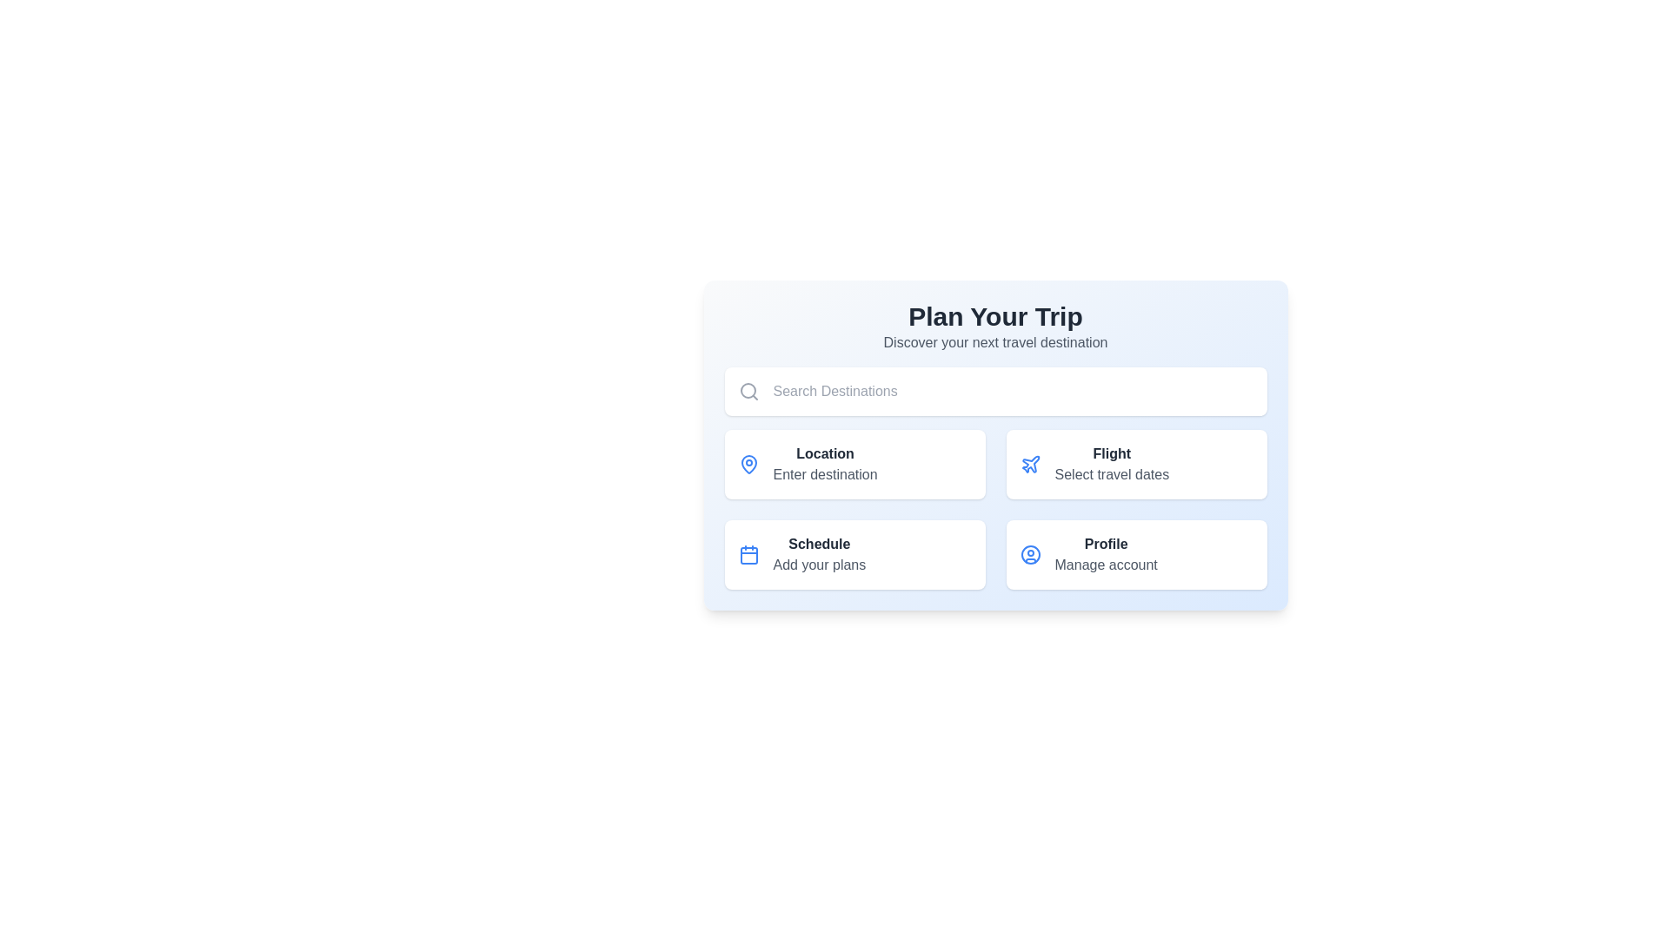 Image resolution: width=1669 pixels, height=938 pixels. What do you see at coordinates (854, 464) in the screenshot?
I see `the Information card or navigation item that allows users to select a location or destination, located in the top-left corner of the grid layout, beneath the search bar and above the 'Schedule' option` at bounding box center [854, 464].